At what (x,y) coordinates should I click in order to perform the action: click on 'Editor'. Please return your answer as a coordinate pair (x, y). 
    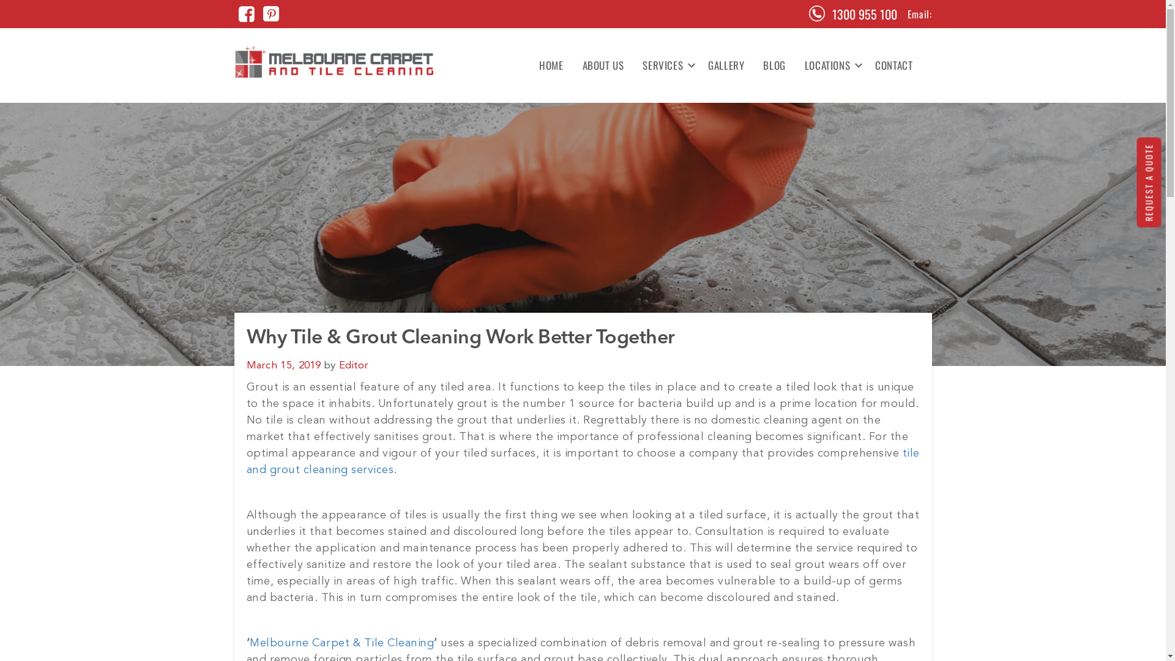
    Looking at the image, I should click on (353, 365).